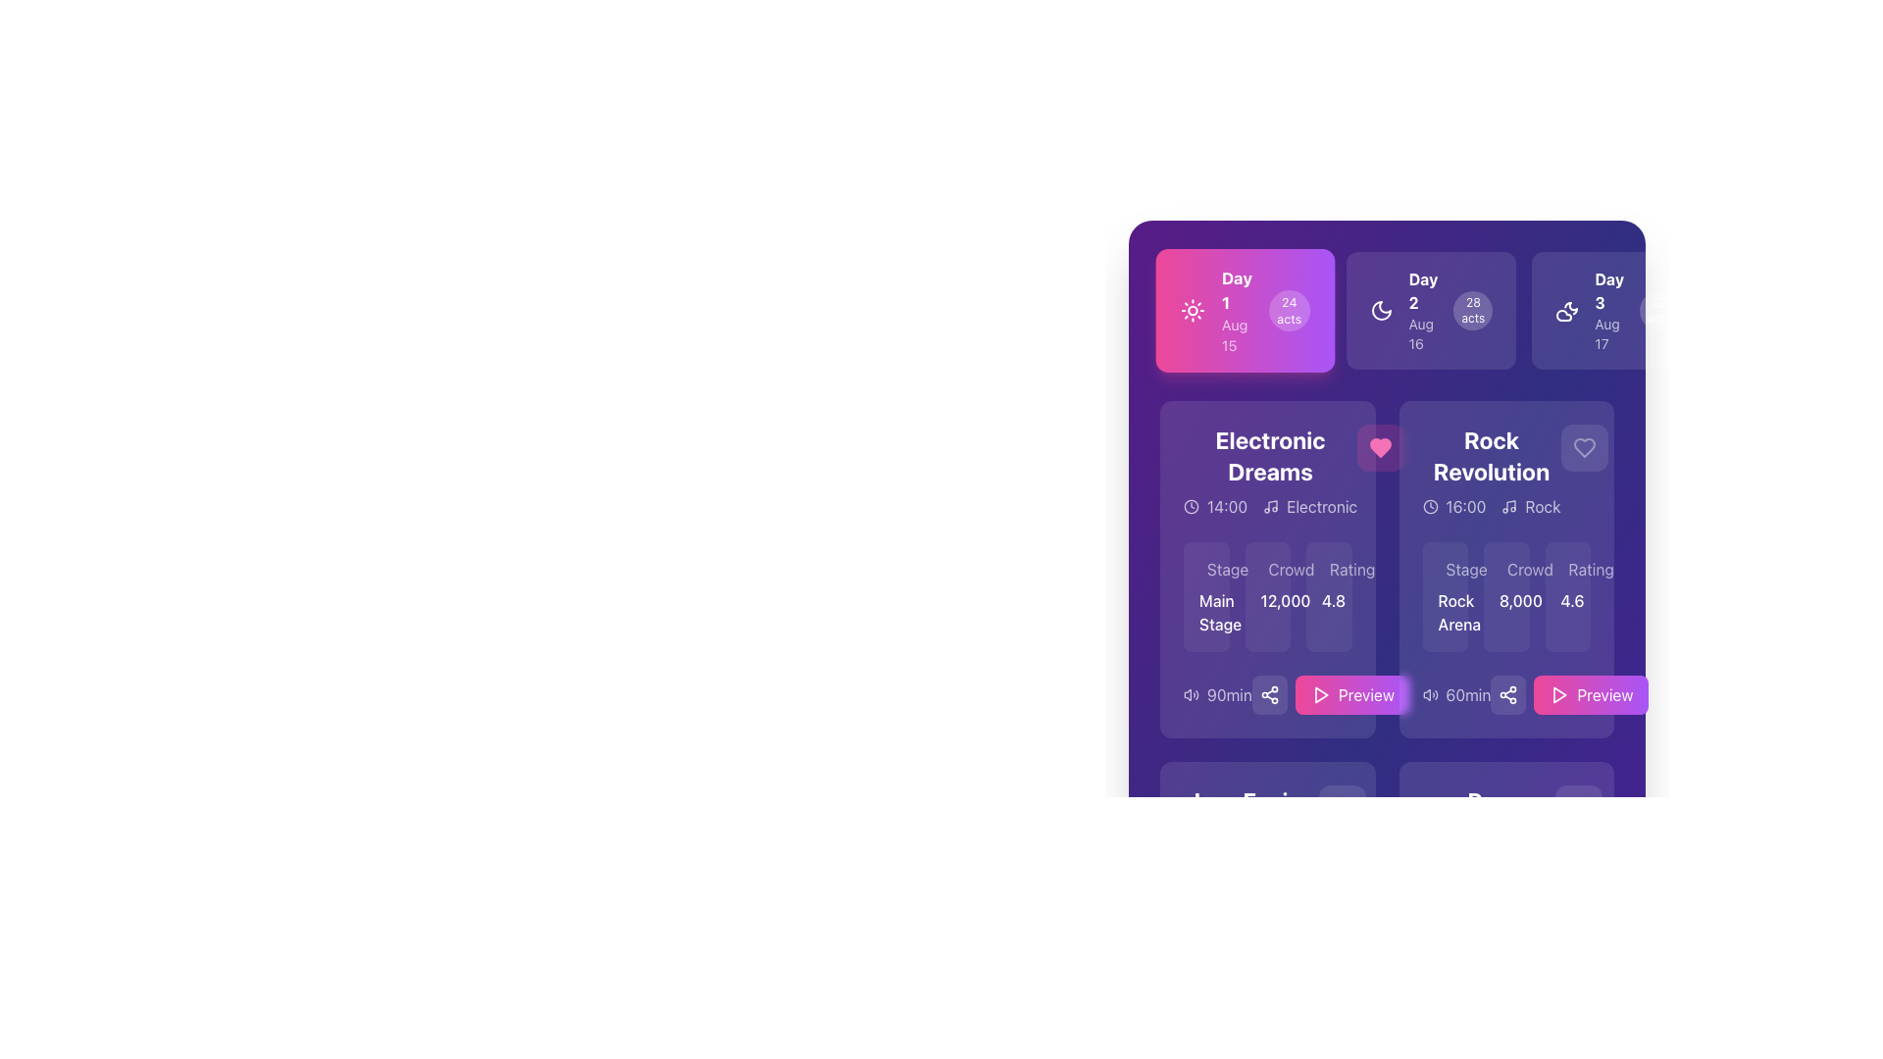 Image resolution: width=1883 pixels, height=1059 pixels. What do you see at coordinates (1609, 291) in the screenshot?
I see `the label displaying 'Day 3' in bold white font against a dark purple background, located at the top right corner of the row of day elements` at bounding box center [1609, 291].